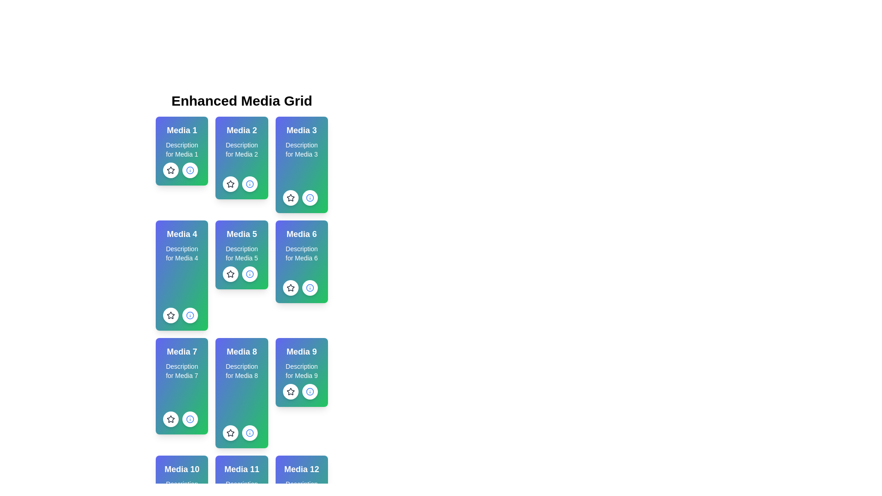 The image size is (882, 496). Describe the element at coordinates (310, 197) in the screenshot. I see `the 'info' button located in the second column of media cards, specifically within the card labeled 'Media 5,' which is the second button from the left in the lower button group` at that location.